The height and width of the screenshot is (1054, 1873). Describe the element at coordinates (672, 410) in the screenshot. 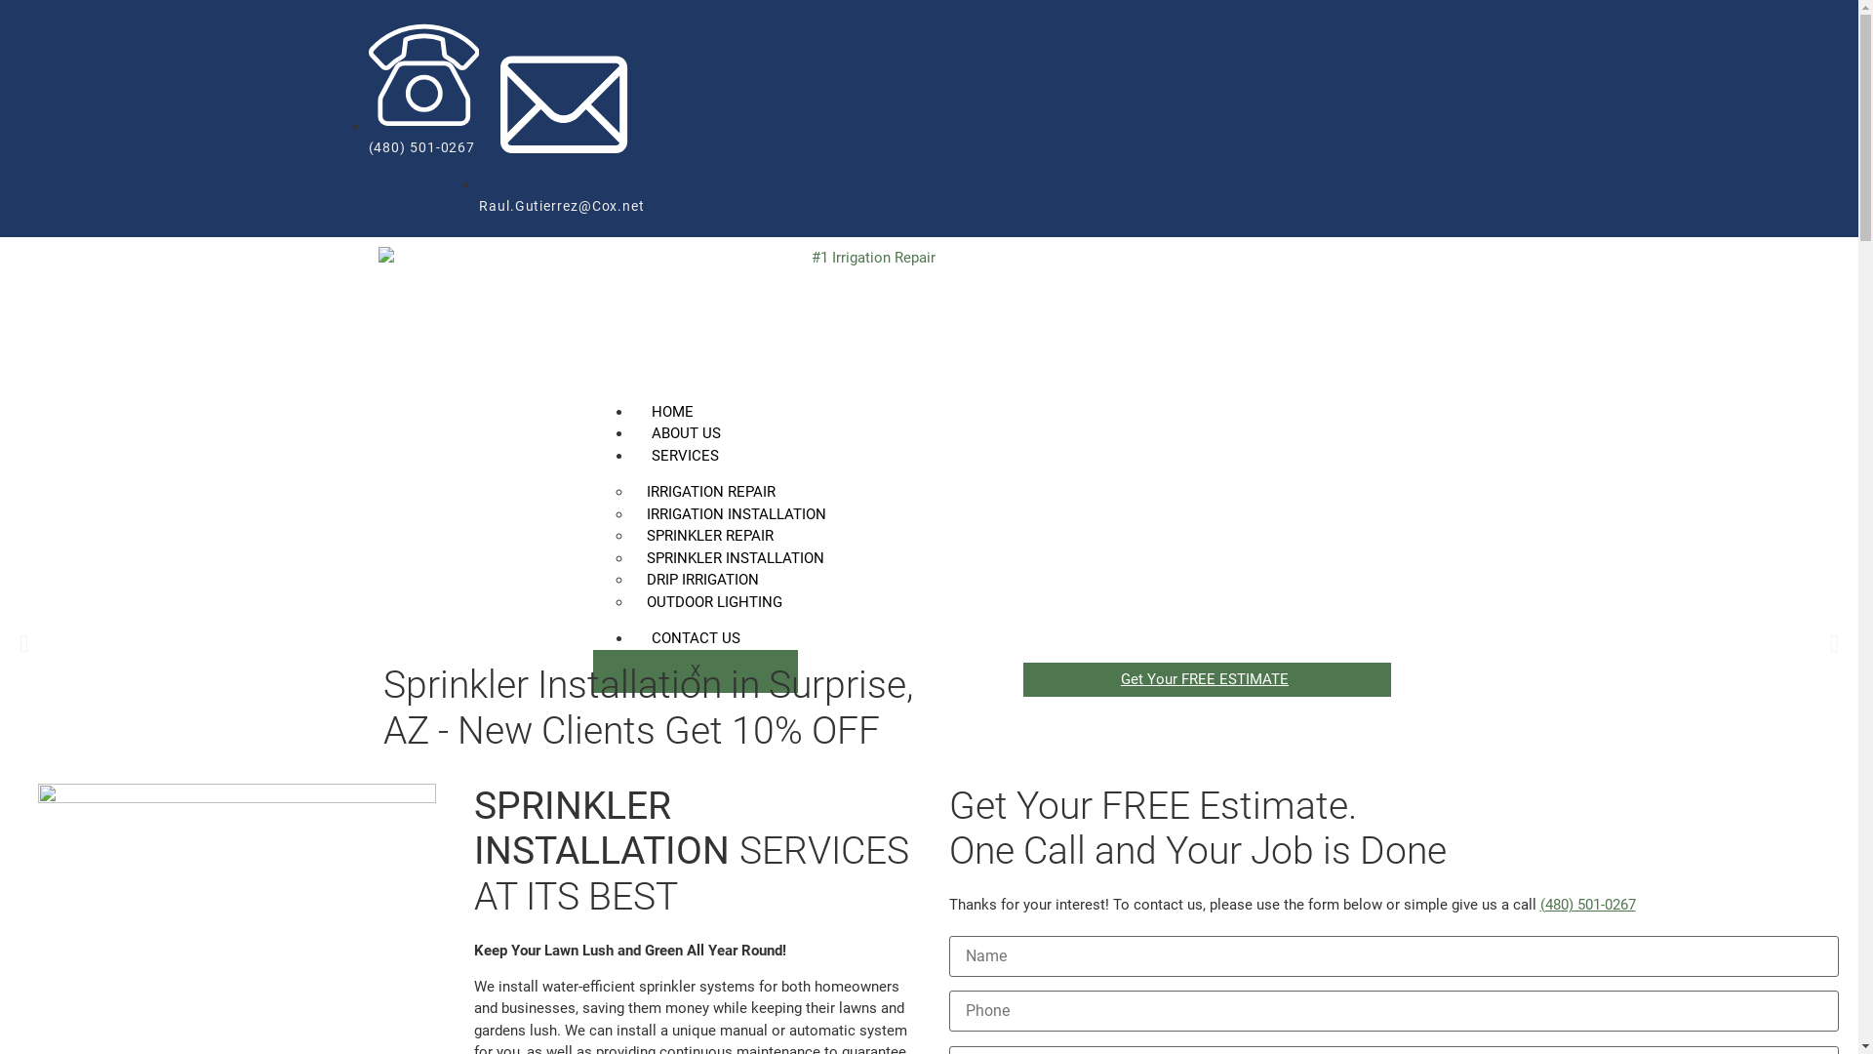

I see `'HOME'` at that location.